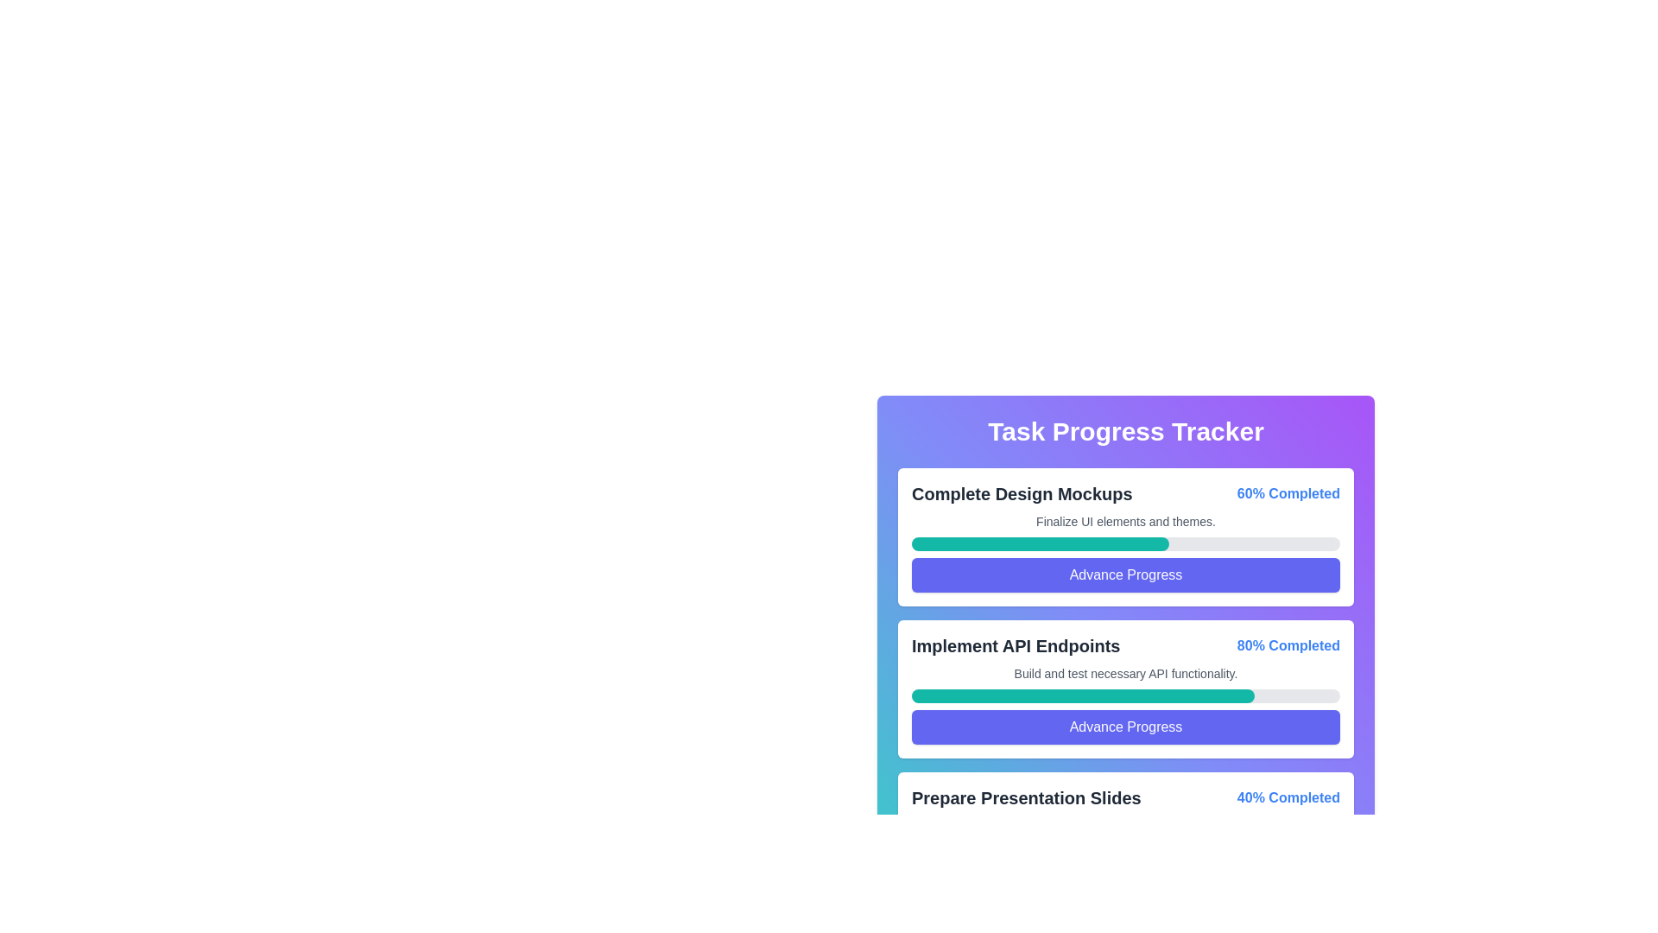 The width and height of the screenshot is (1658, 933). What do you see at coordinates (1288, 798) in the screenshot?
I see `the static text indicating the completion percentage for the task 'Prepare Presentation Slides', located at the bottom-right of the task list` at bounding box center [1288, 798].